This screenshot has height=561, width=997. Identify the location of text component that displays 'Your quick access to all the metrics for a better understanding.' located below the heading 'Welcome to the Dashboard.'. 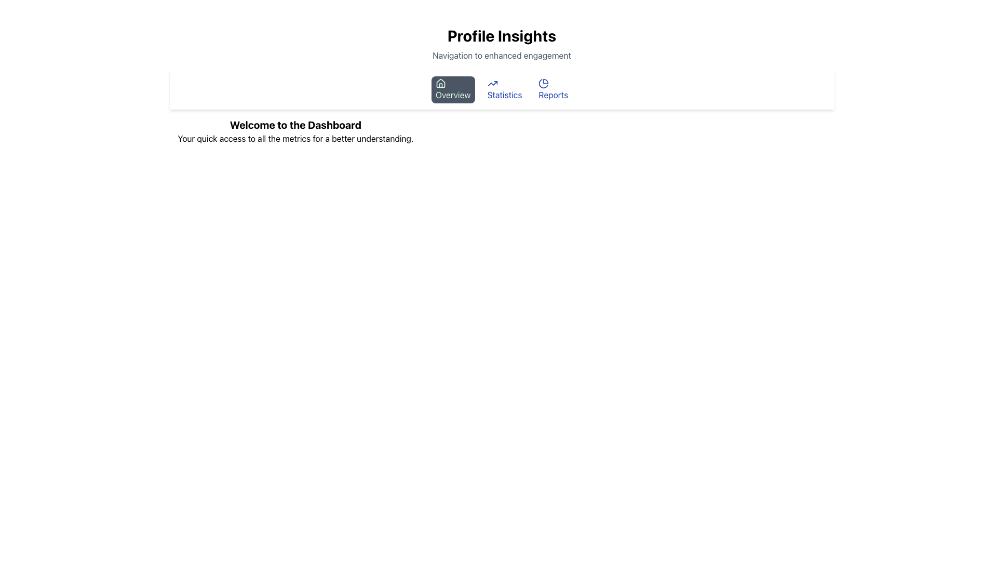
(295, 138).